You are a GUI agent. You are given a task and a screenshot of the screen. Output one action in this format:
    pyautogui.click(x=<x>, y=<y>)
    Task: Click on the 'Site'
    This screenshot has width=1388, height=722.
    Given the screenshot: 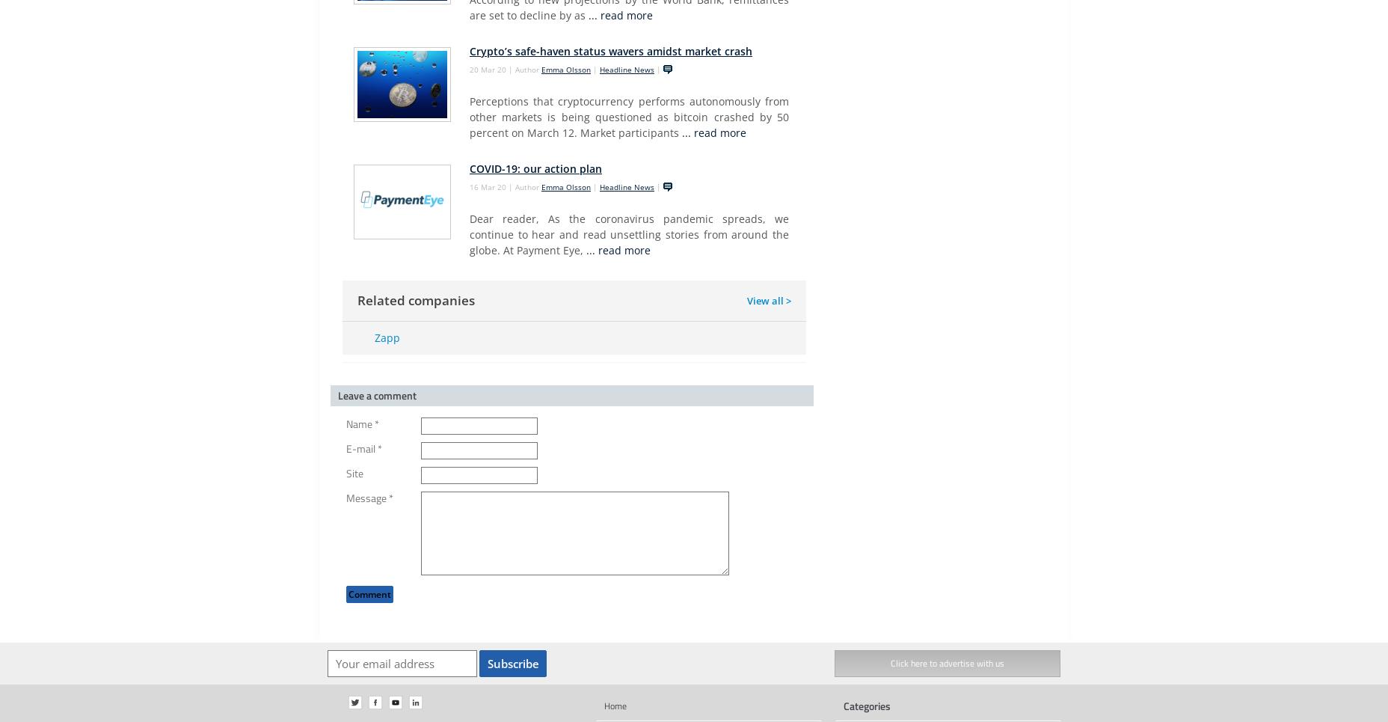 What is the action you would take?
    pyautogui.click(x=354, y=473)
    